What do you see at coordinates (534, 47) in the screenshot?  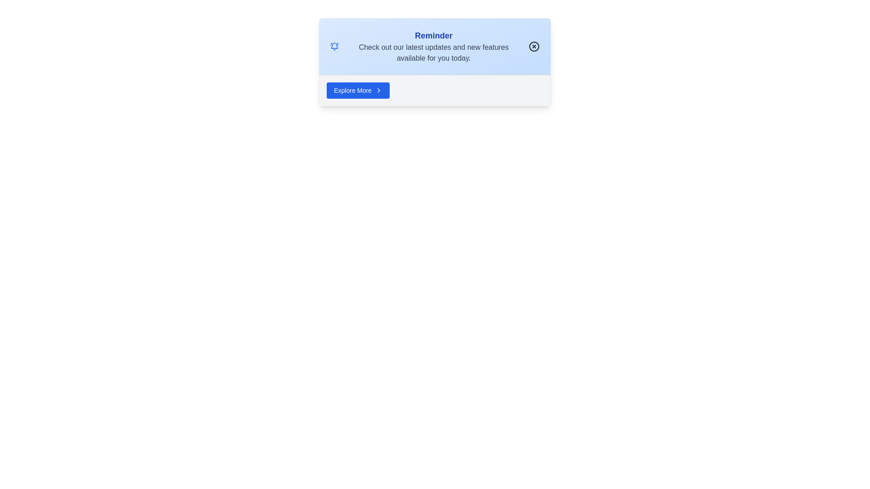 I see `the circle SVG shape located at the top-right corner of the notification card` at bounding box center [534, 47].